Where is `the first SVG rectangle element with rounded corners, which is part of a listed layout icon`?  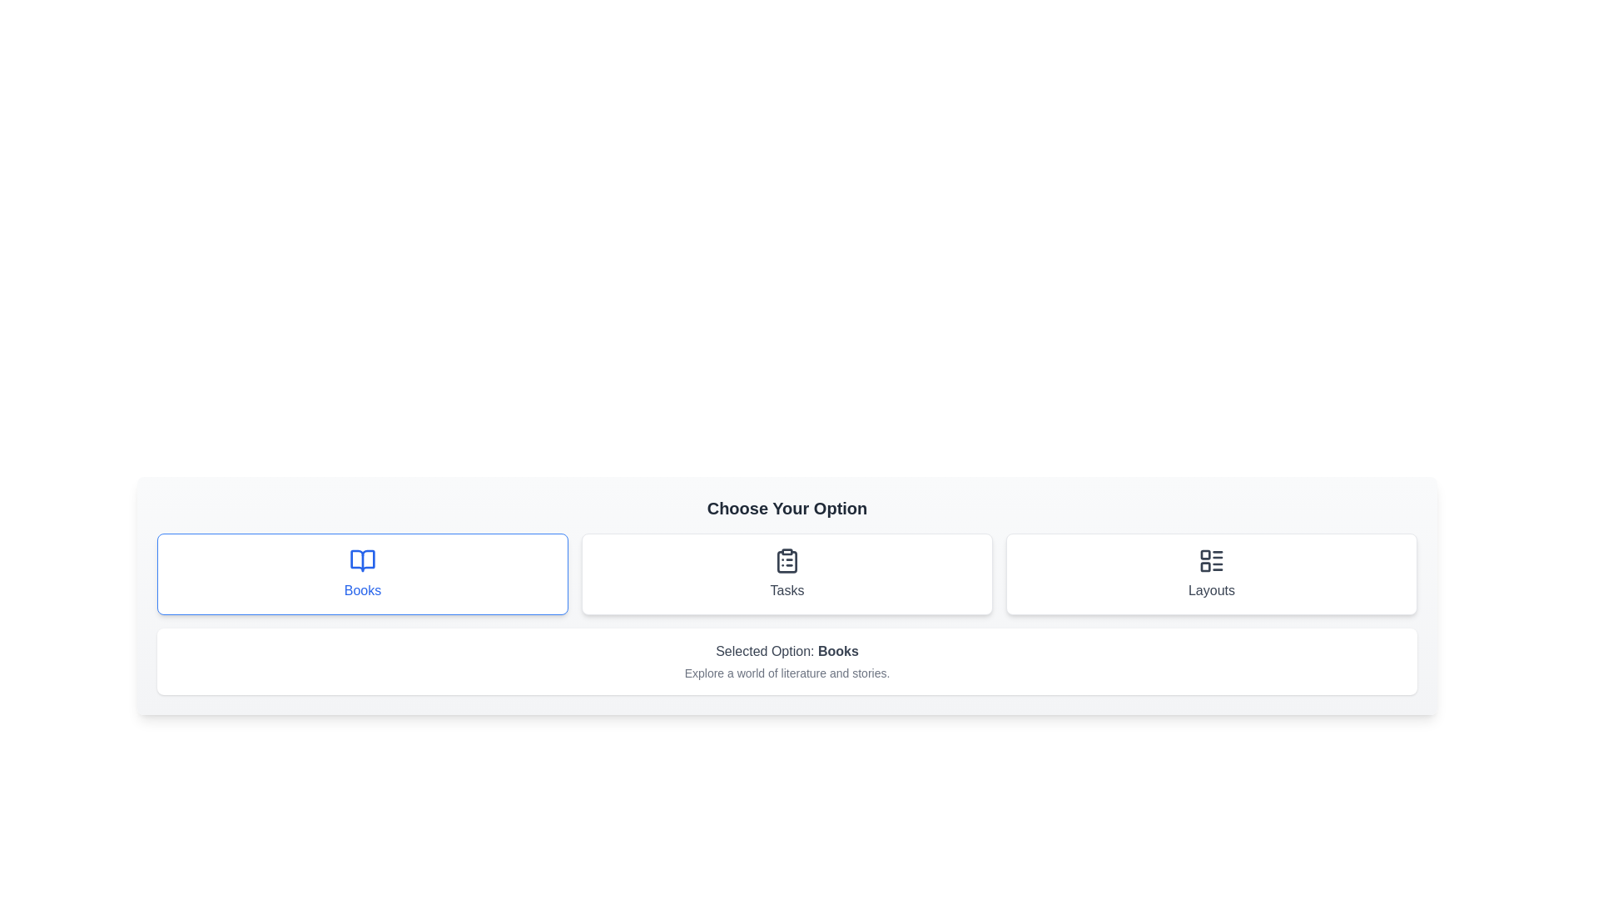 the first SVG rectangle element with rounded corners, which is part of a listed layout icon is located at coordinates (1205, 554).